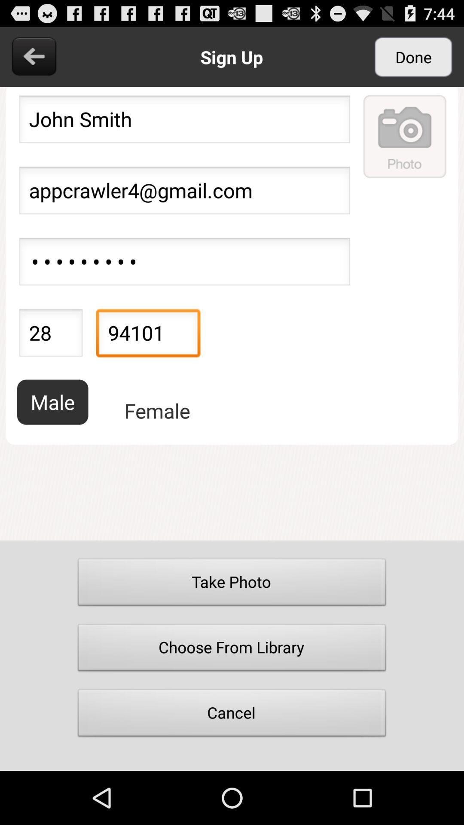 This screenshot has width=464, height=825. Describe the element at coordinates (405, 136) in the screenshot. I see `take a picture` at that location.